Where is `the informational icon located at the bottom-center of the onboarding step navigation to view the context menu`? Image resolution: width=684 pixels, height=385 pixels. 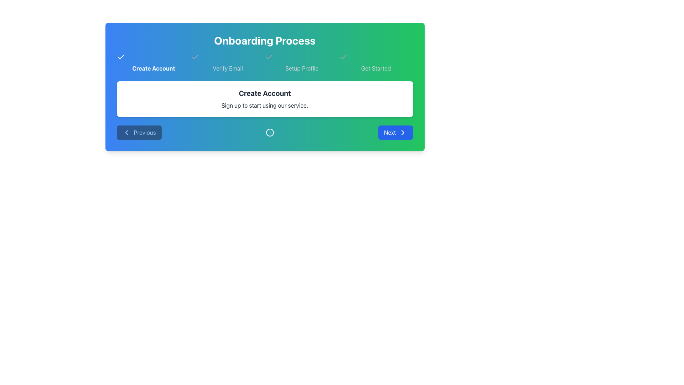 the informational icon located at the bottom-center of the onboarding step navigation to view the context menu is located at coordinates (269, 132).